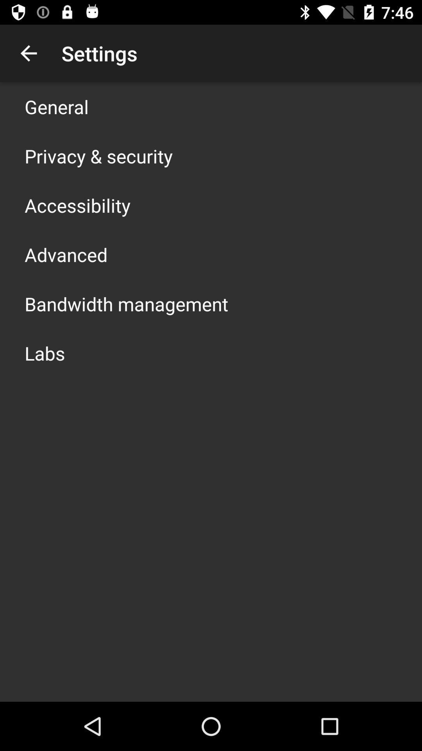  What do you see at coordinates (45, 352) in the screenshot?
I see `the labs app` at bounding box center [45, 352].